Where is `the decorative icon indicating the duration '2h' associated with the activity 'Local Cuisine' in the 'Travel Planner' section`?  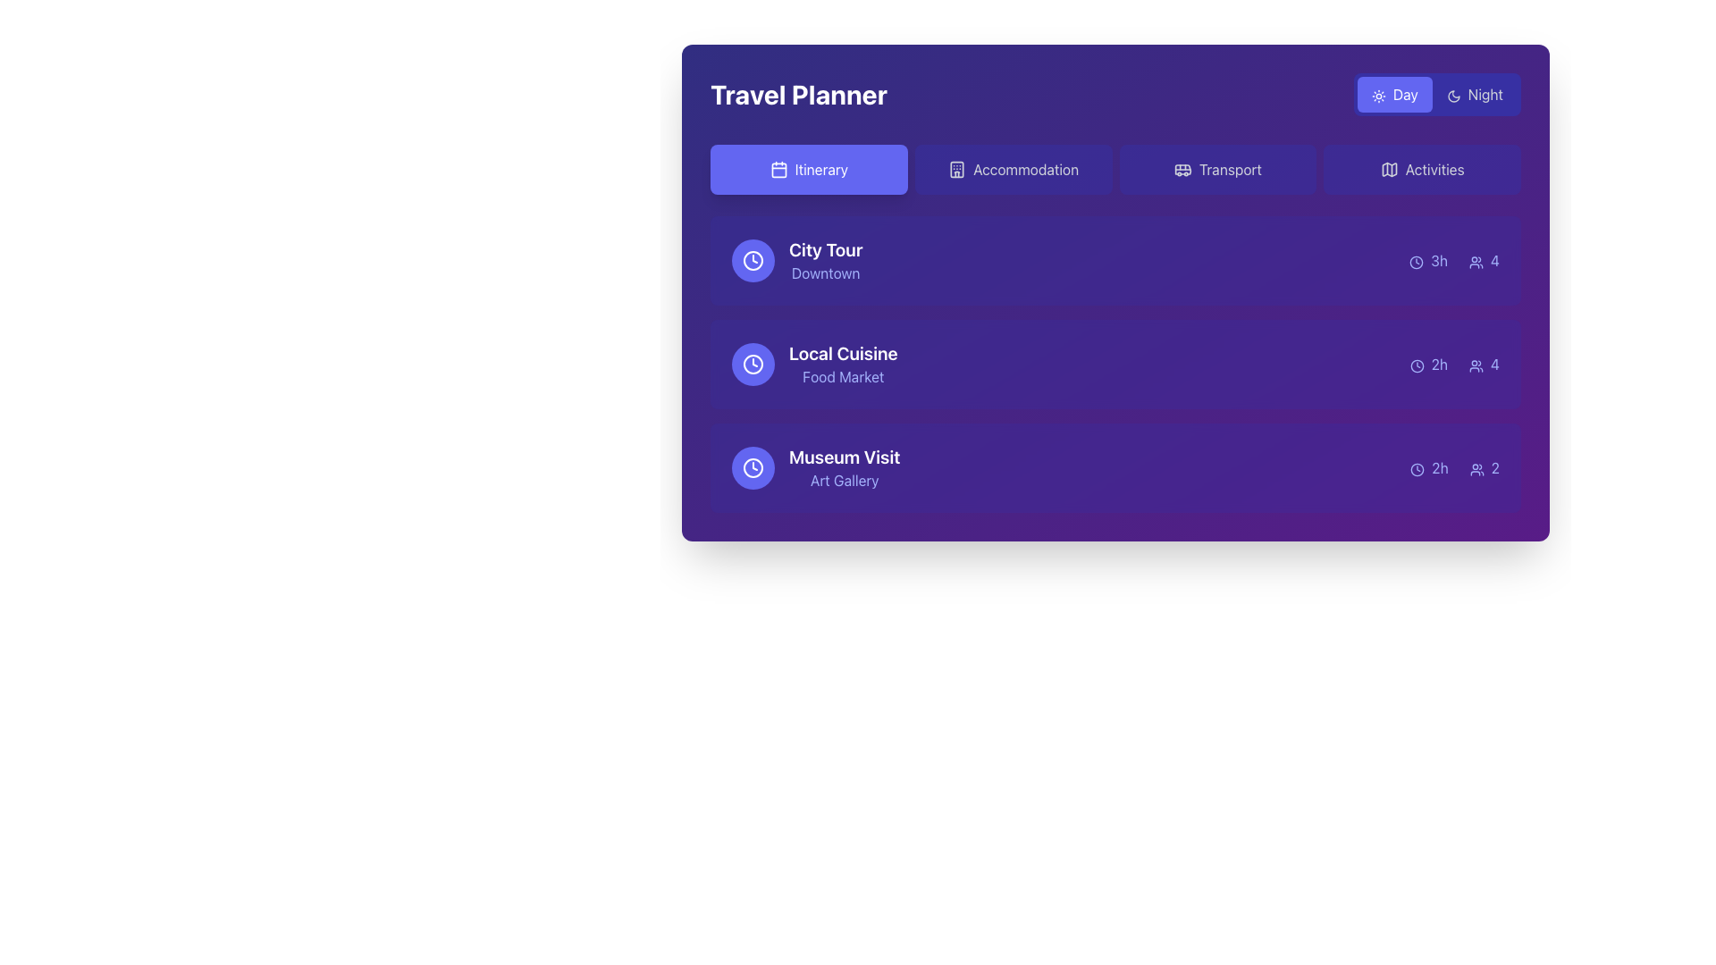
the decorative icon indicating the duration '2h' associated with the activity 'Local Cuisine' in the 'Travel Planner' section is located at coordinates (1416, 365).